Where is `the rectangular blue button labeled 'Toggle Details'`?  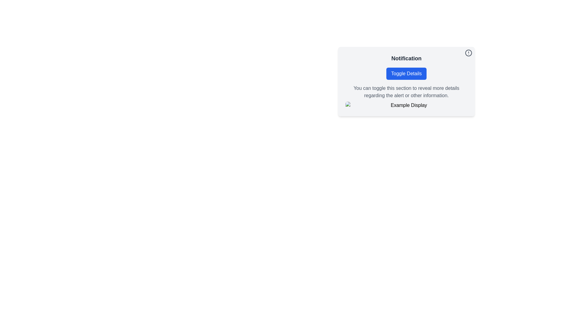 the rectangular blue button labeled 'Toggle Details' is located at coordinates (406, 73).